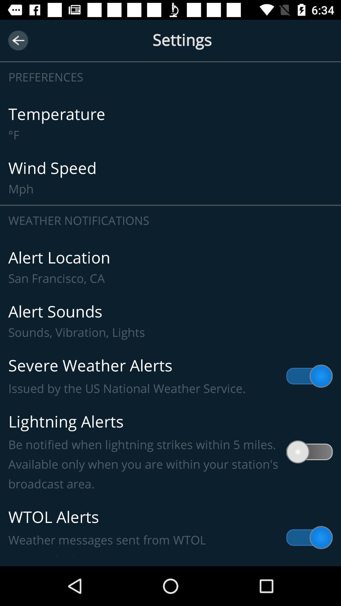  Describe the element at coordinates (18, 40) in the screenshot. I see `the arrow_backward icon` at that location.